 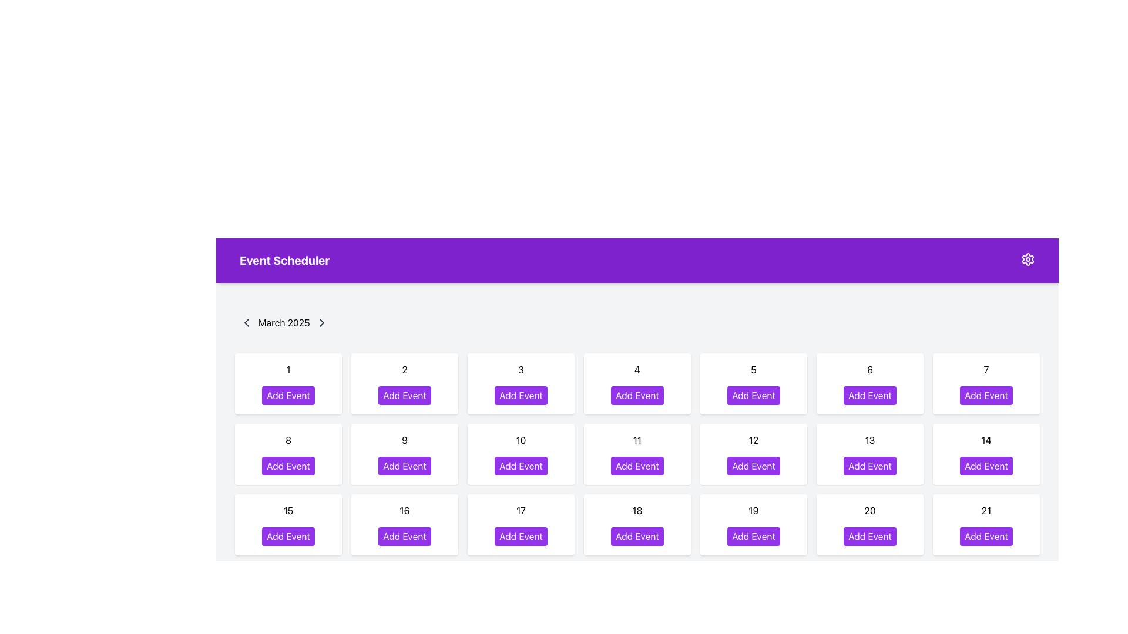 What do you see at coordinates (753, 384) in the screenshot?
I see `the 'Add Event' button for the specified day, indicated by the number '5', located in the first row of the grid layout` at bounding box center [753, 384].